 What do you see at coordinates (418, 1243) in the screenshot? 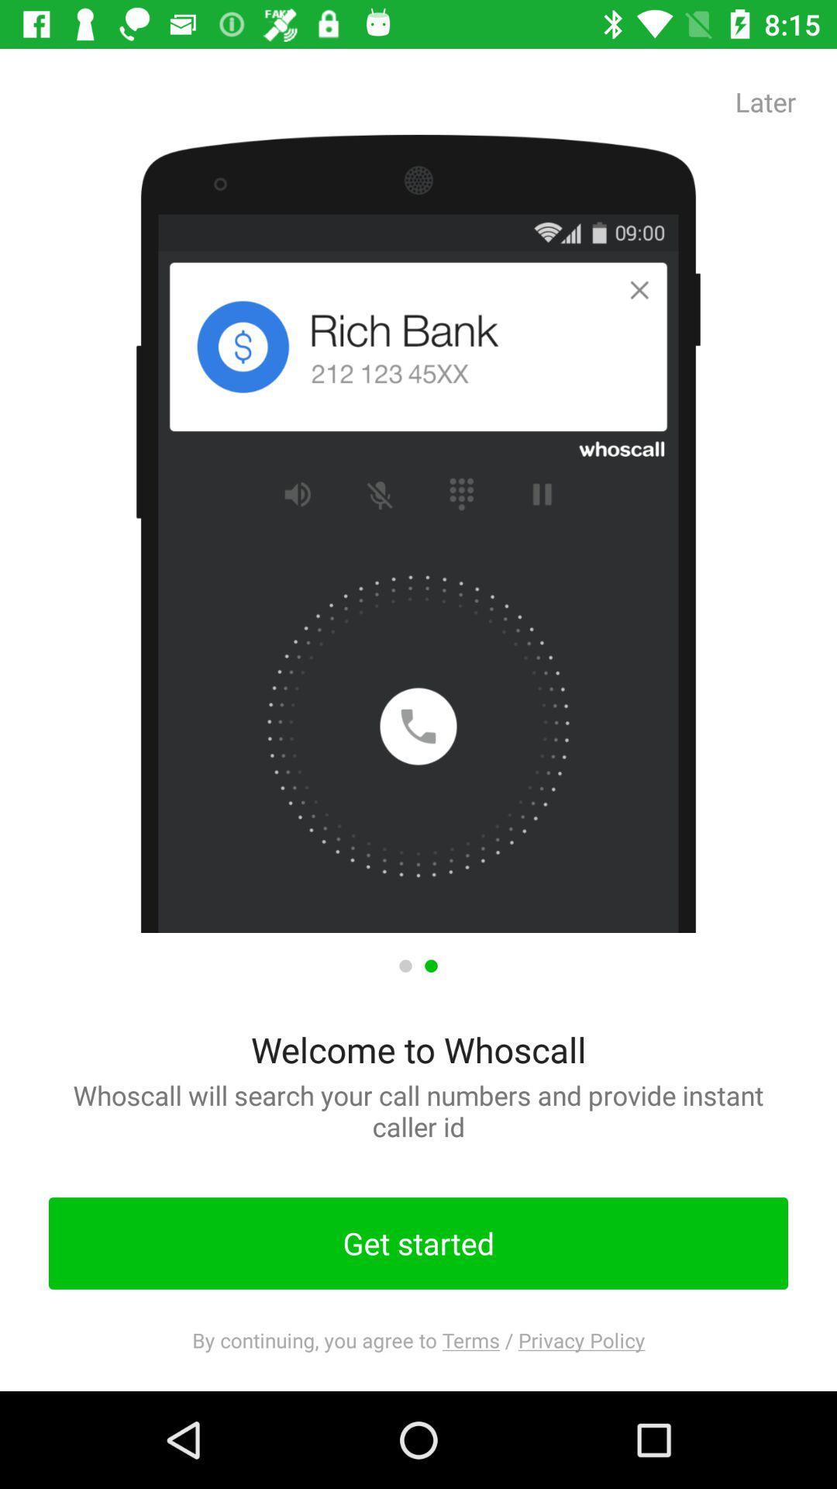
I see `the item above the by continuing you app` at bounding box center [418, 1243].